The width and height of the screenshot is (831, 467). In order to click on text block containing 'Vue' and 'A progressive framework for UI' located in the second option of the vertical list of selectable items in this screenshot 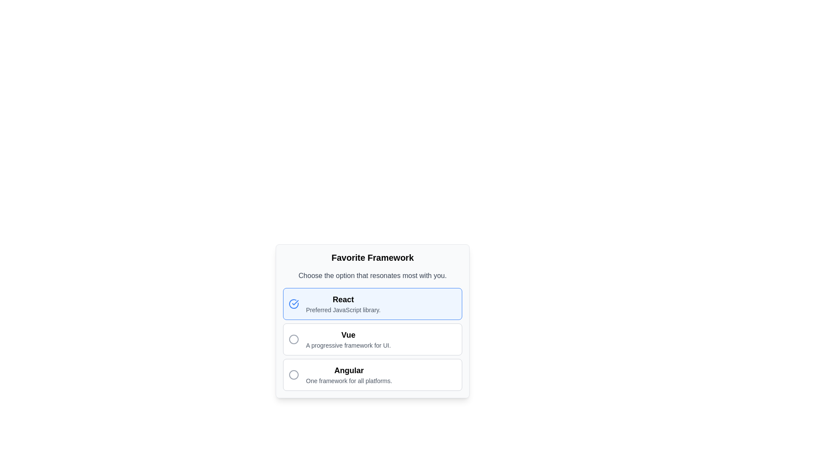, I will do `click(348, 339)`.